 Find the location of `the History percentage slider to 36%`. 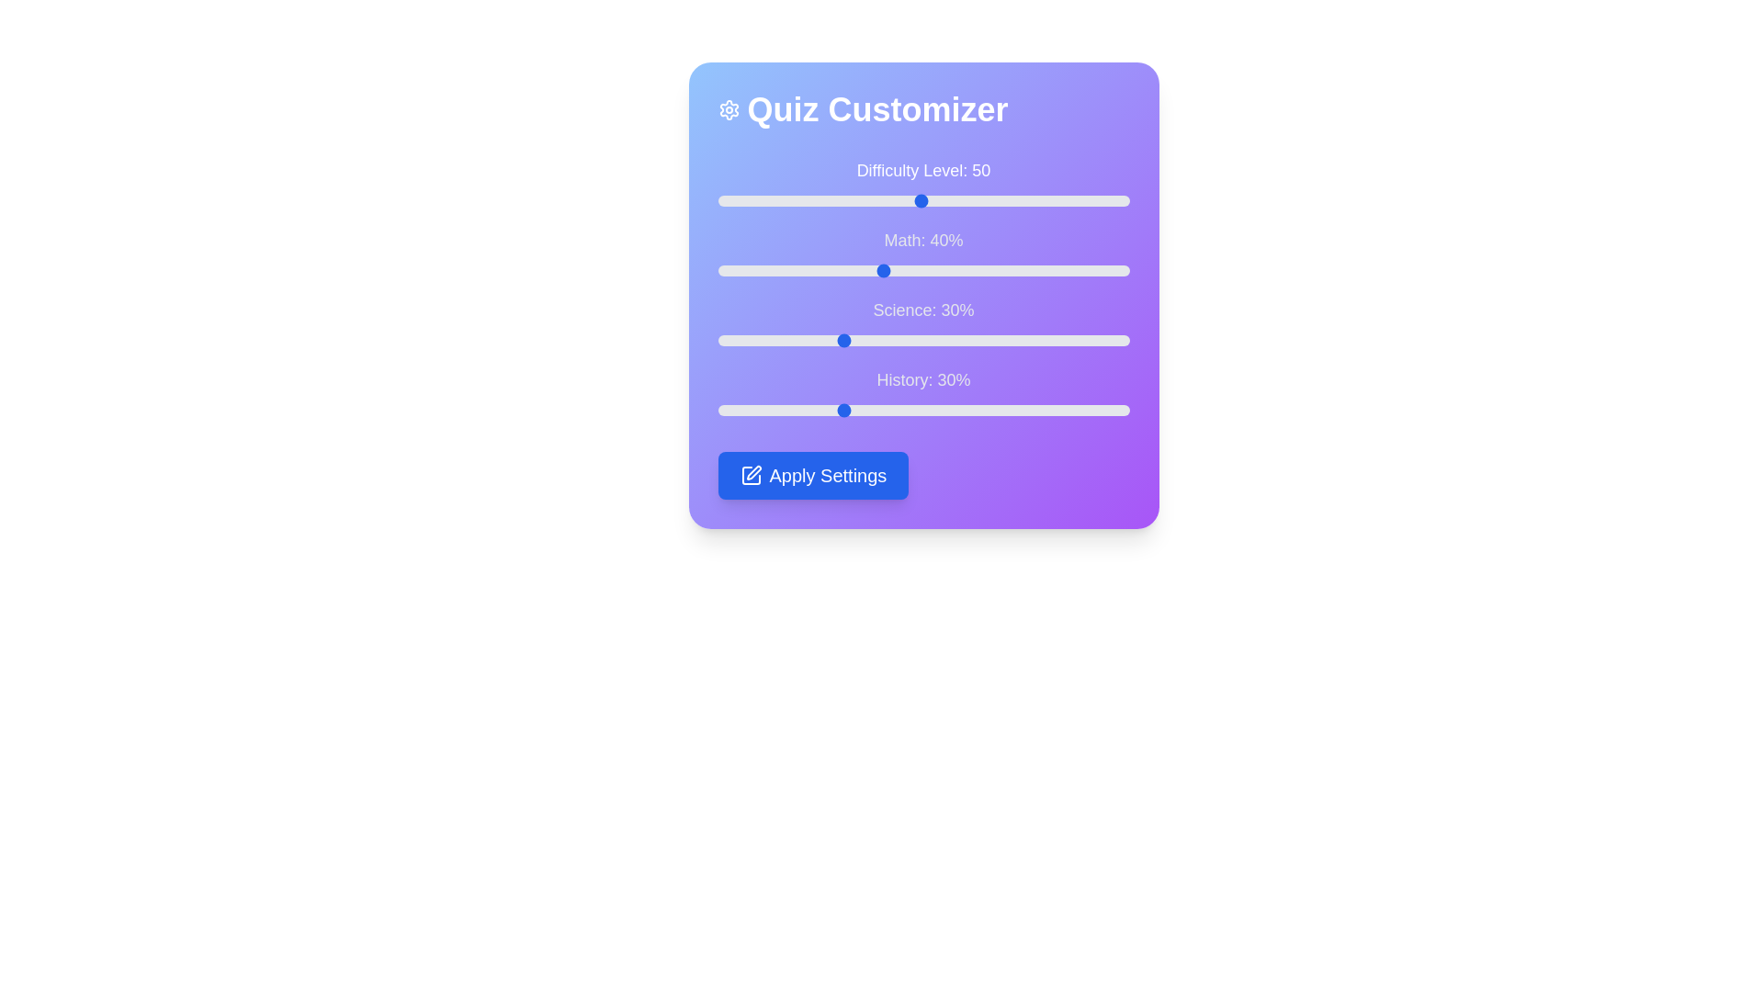

the History percentage slider to 36% is located at coordinates (865, 410).